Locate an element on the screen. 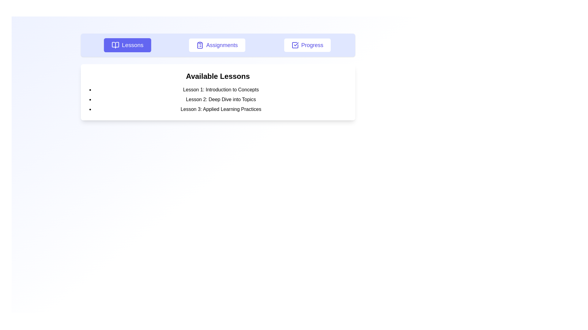 This screenshot has height=330, width=588. a button in the horizontal navigation bar, which is characterized by its light blue background and interactive rectangular buttons with icons and labels, to focus on it is located at coordinates (218, 45).